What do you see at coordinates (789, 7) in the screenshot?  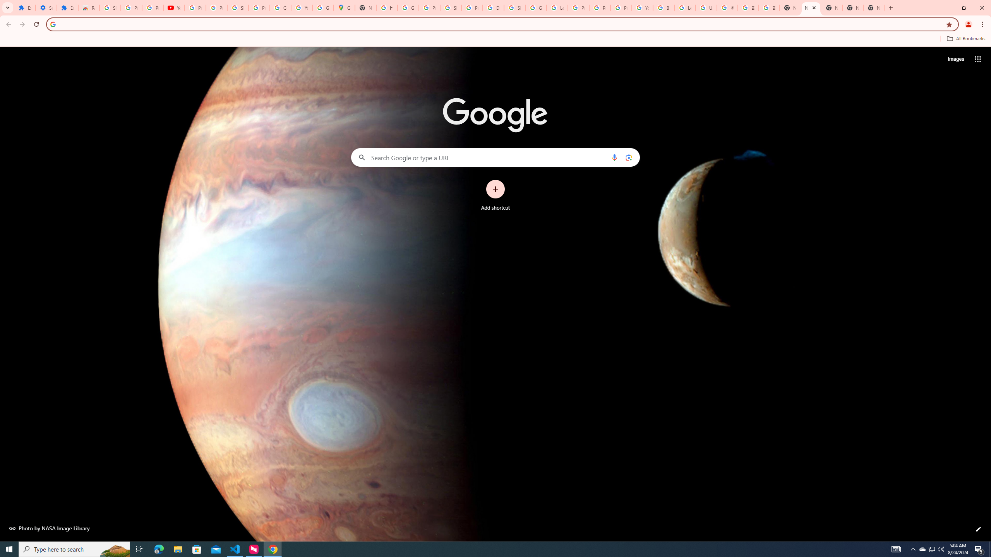 I see `'New Tab'` at bounding box center [789, 7].